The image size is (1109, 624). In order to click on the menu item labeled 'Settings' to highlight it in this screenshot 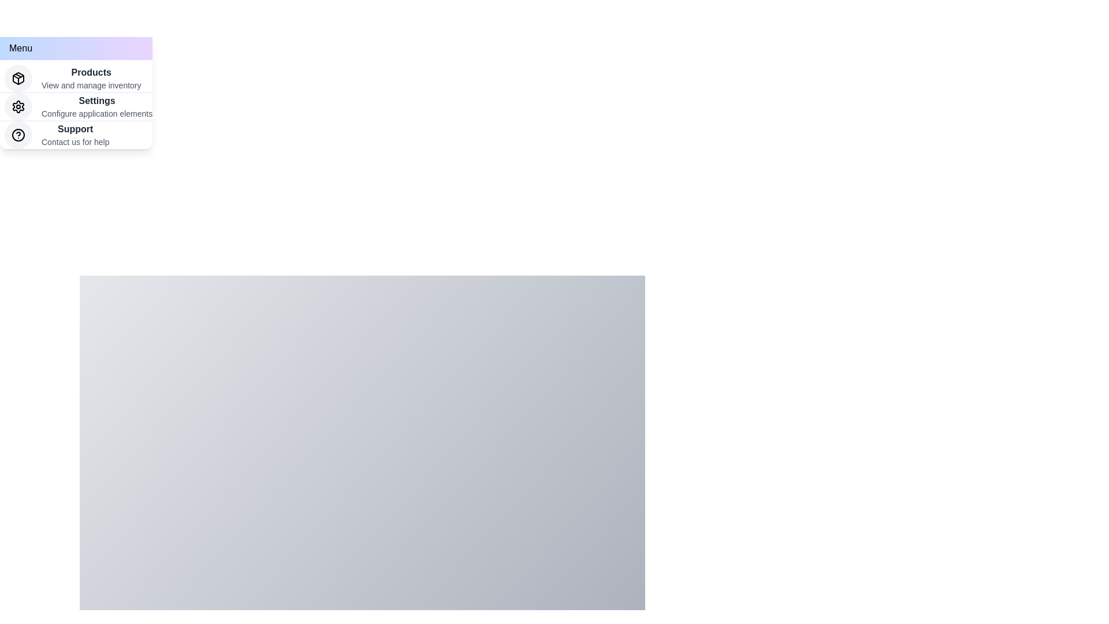, I will do `click(76, 107)`.